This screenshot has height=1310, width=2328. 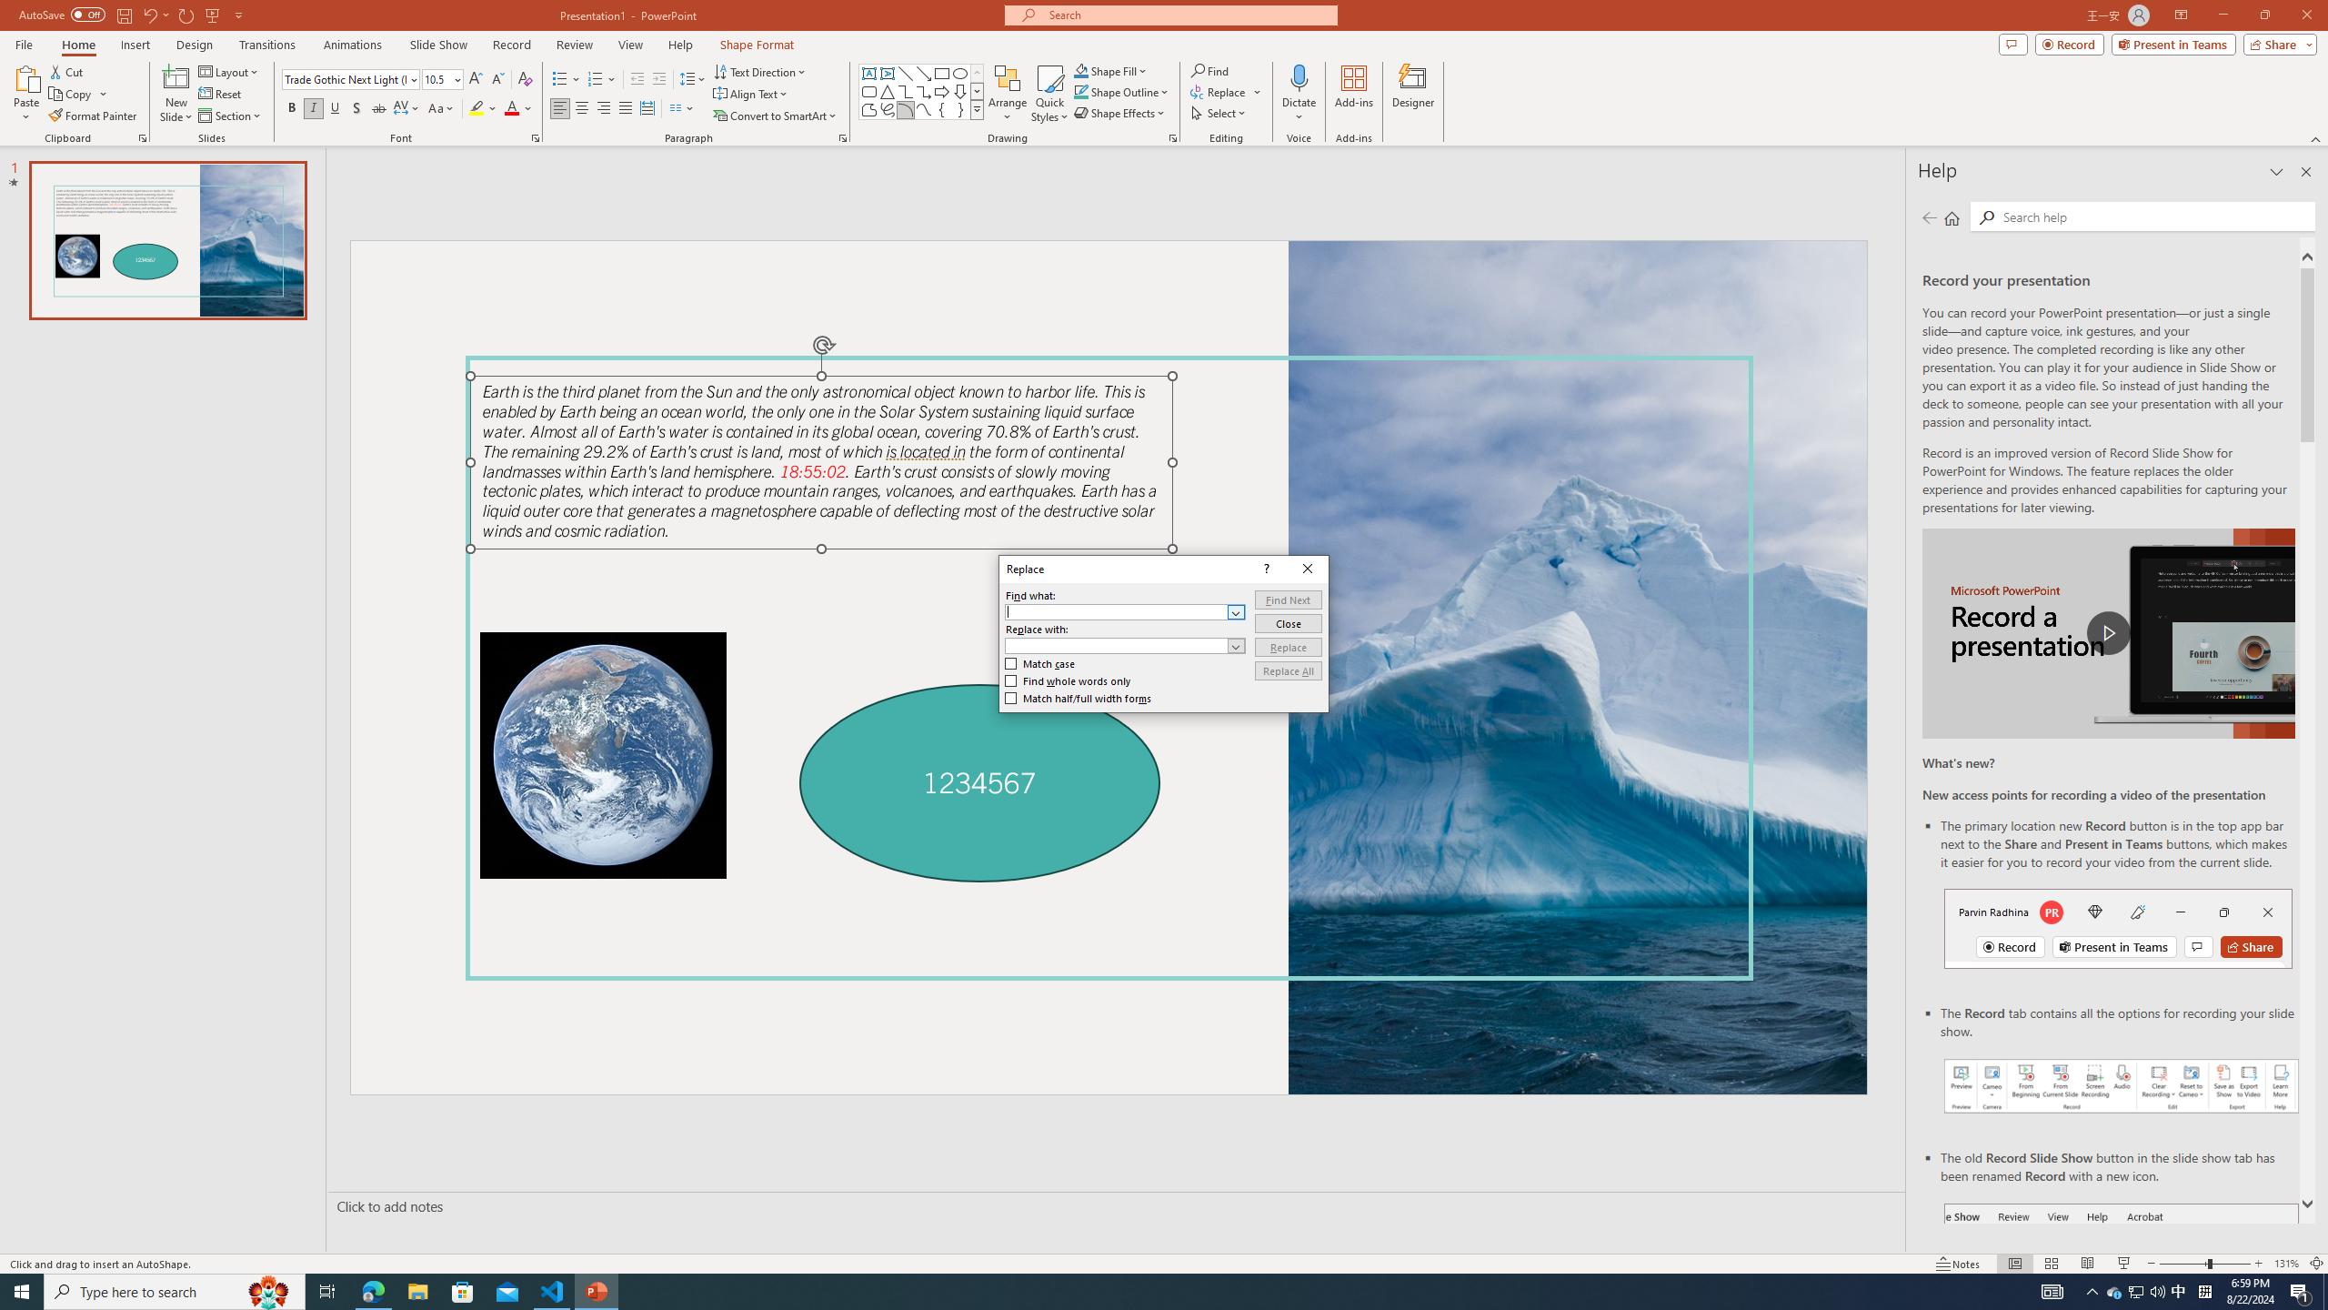 What do you see at coordinates (511, 107) in the screenshot?
I see `'Font Color Red'` at bounding box center [511, 107].